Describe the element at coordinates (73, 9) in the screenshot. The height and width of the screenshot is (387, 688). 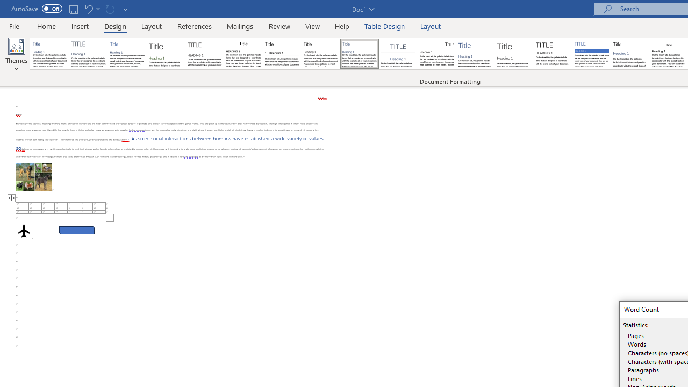
I see `'Save'` at that location.